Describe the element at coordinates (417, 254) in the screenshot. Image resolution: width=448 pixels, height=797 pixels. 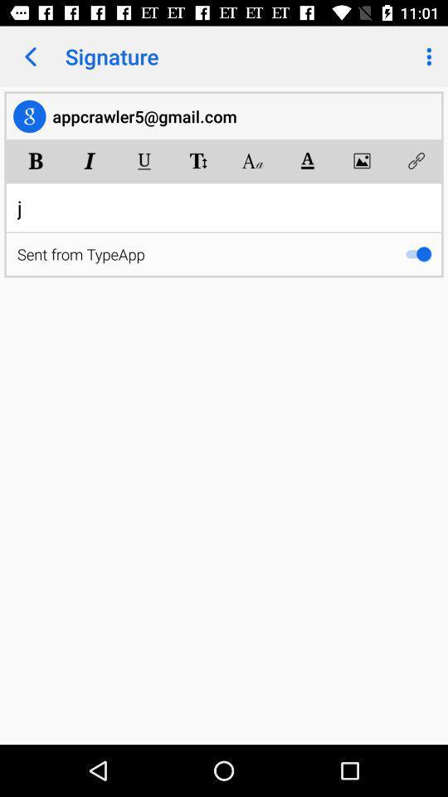
I see `the item below j item` at that location.